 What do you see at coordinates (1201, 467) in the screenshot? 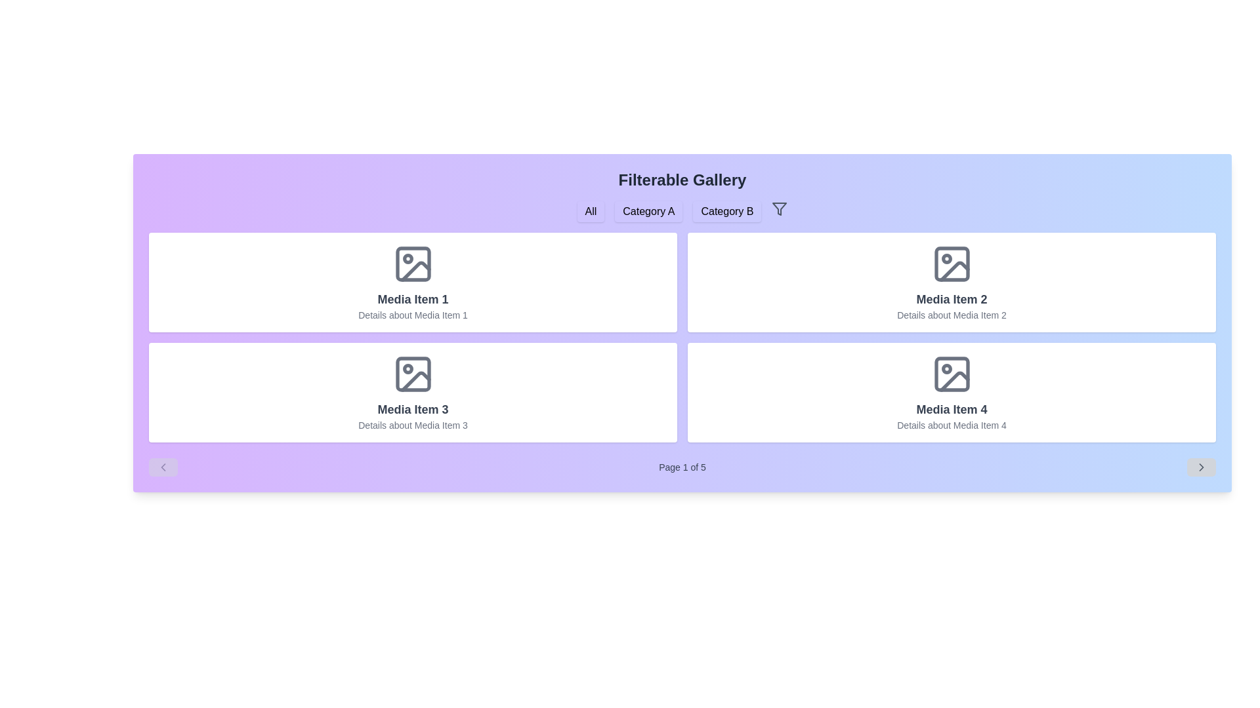
I see `the right-facing chevron arrow icon located in the bottom-right corner of the interface` at bounding box center [1201, 467].